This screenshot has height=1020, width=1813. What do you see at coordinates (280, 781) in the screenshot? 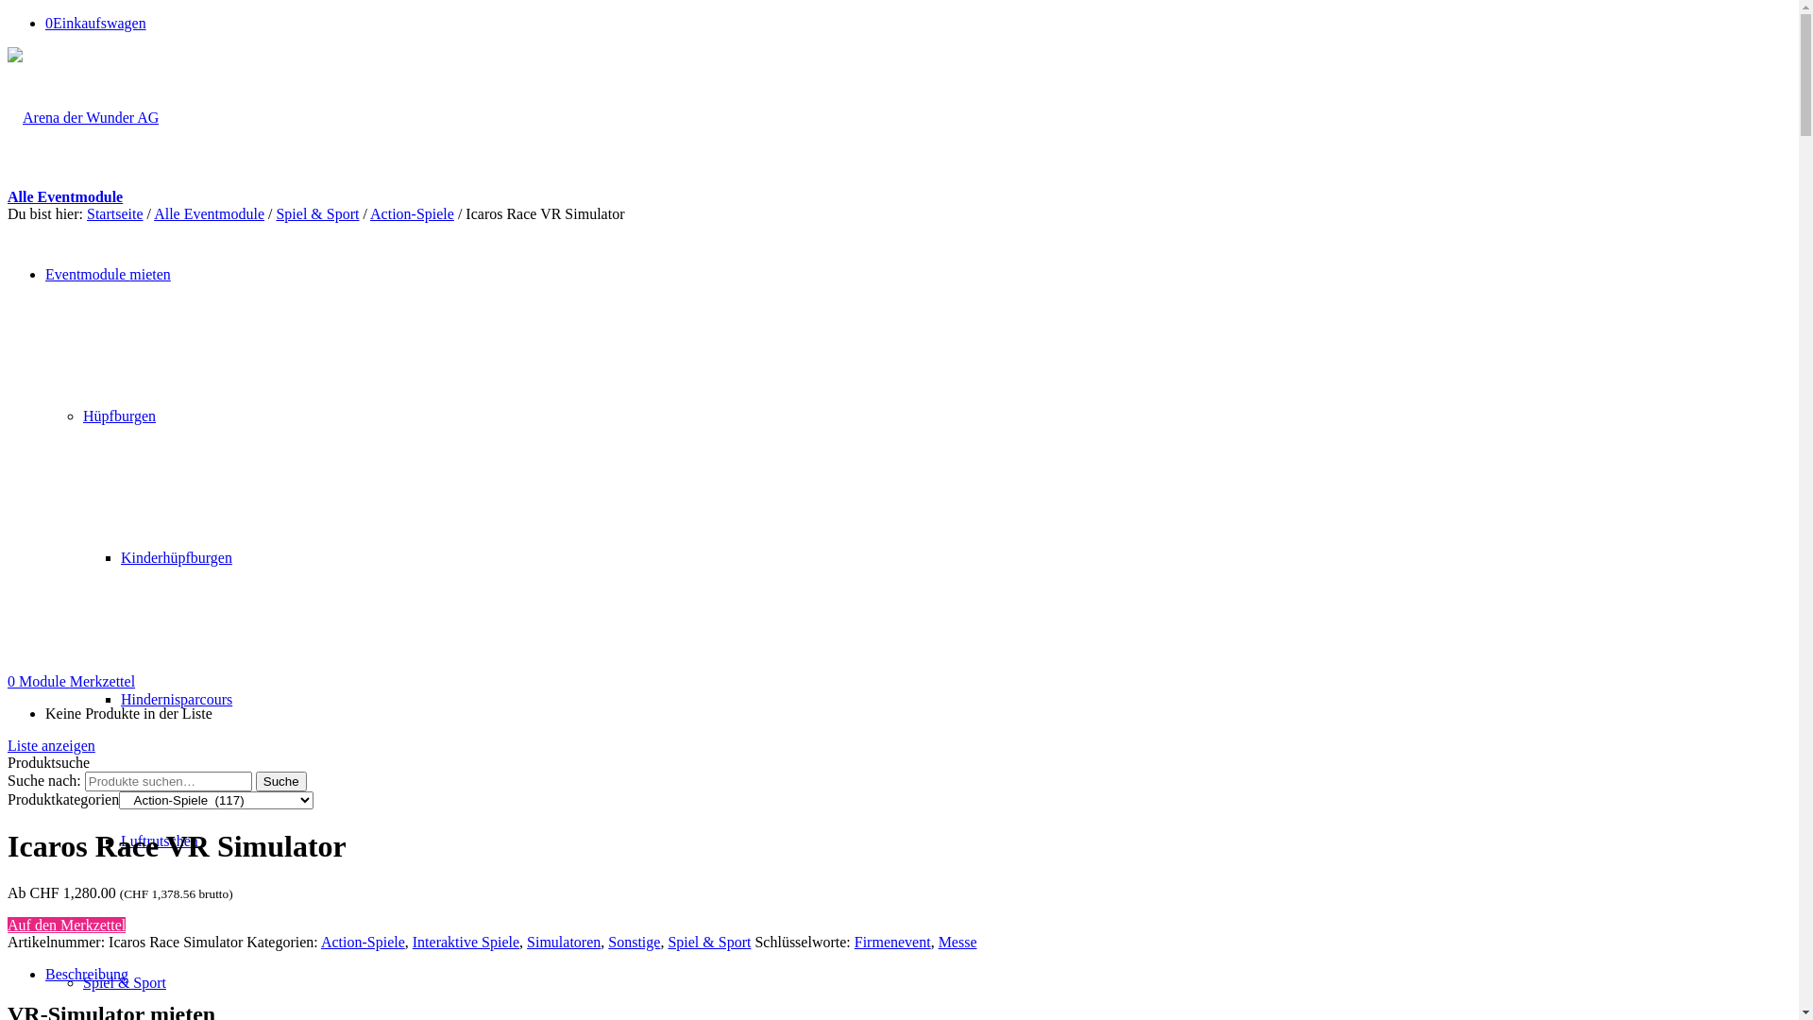
I see `'Suche'` at bounding box center [280, 781].